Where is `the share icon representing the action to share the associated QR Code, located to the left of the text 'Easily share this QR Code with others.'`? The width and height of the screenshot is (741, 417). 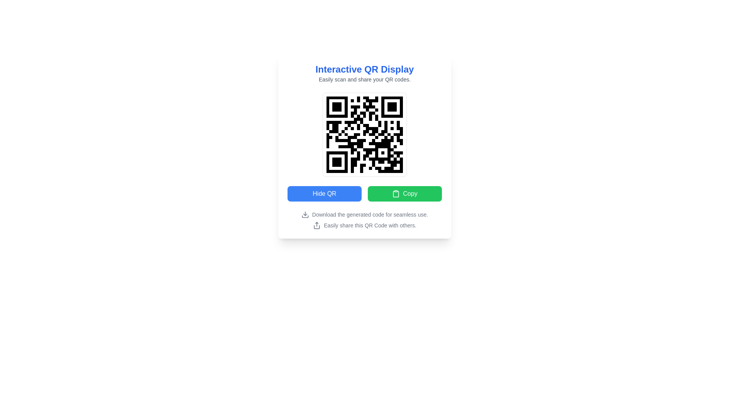 the share icon representing the action to share the associated QR Code, located to the left of the text 'Easily share this QR Code with others.' is located at coordinates (317, 225).